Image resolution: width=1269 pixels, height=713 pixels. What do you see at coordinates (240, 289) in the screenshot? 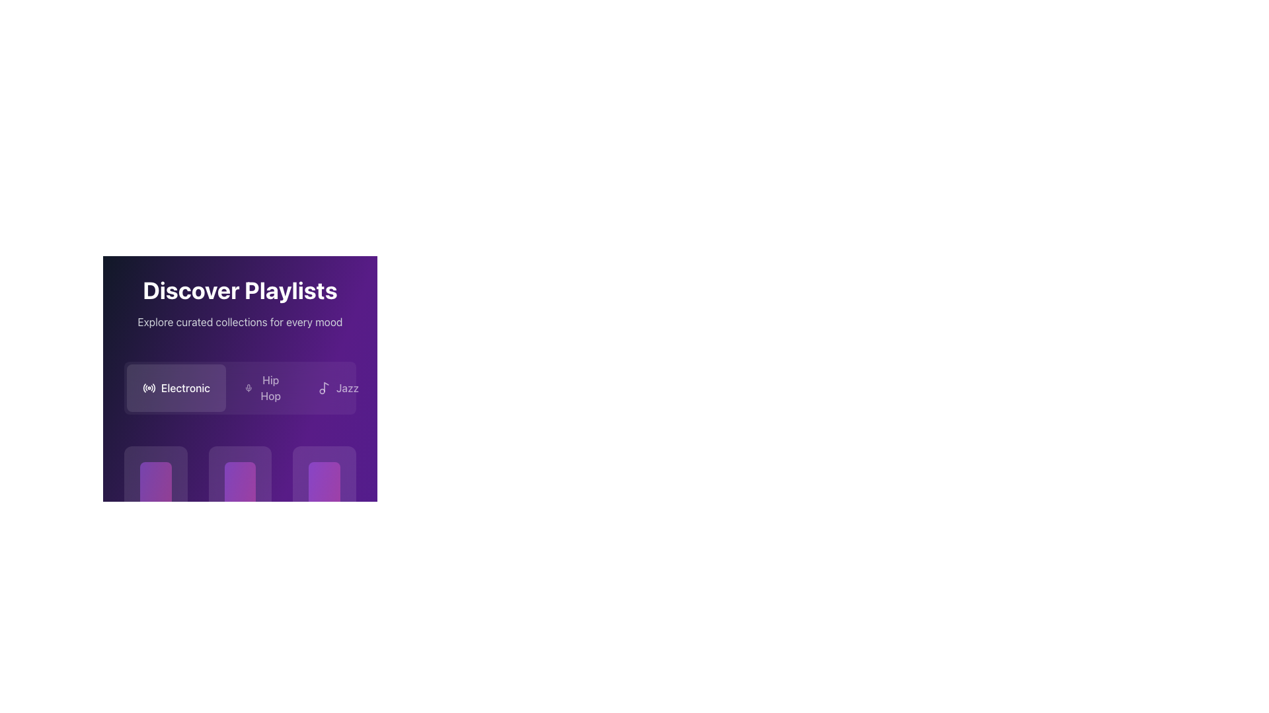
I see `heading text located at the top-center of the interface, which serves as a title or headline for the feature being introduced` at bounding box center [240, 289].